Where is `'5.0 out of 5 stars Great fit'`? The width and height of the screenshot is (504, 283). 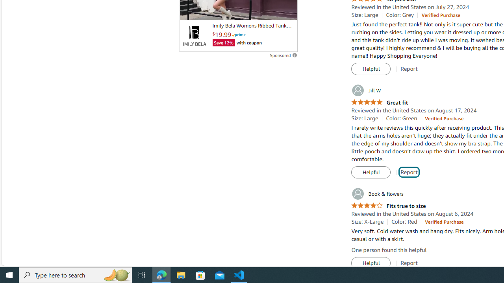
'5.0 out of 5 stars Great fit' is located at coordinates (380, 102).